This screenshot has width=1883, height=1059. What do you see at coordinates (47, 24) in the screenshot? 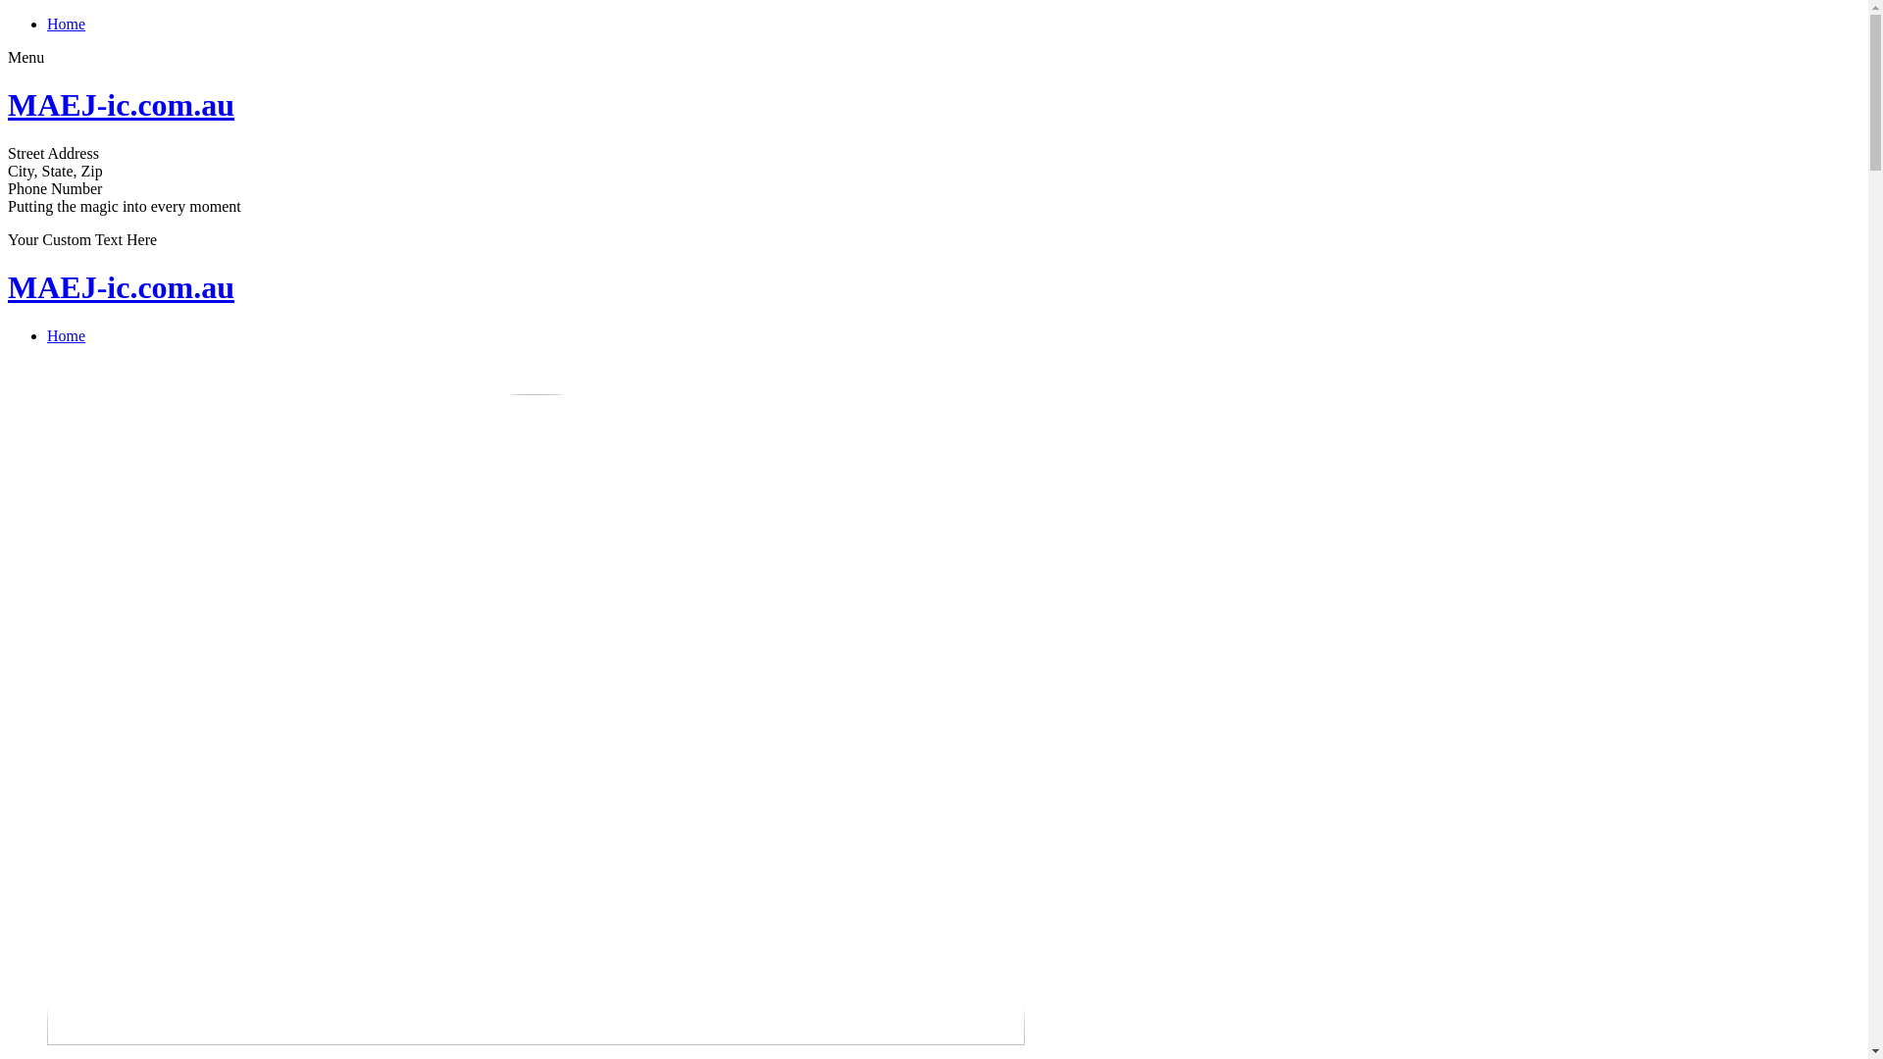
I see `'Home'` at bounding box center [47, 24].